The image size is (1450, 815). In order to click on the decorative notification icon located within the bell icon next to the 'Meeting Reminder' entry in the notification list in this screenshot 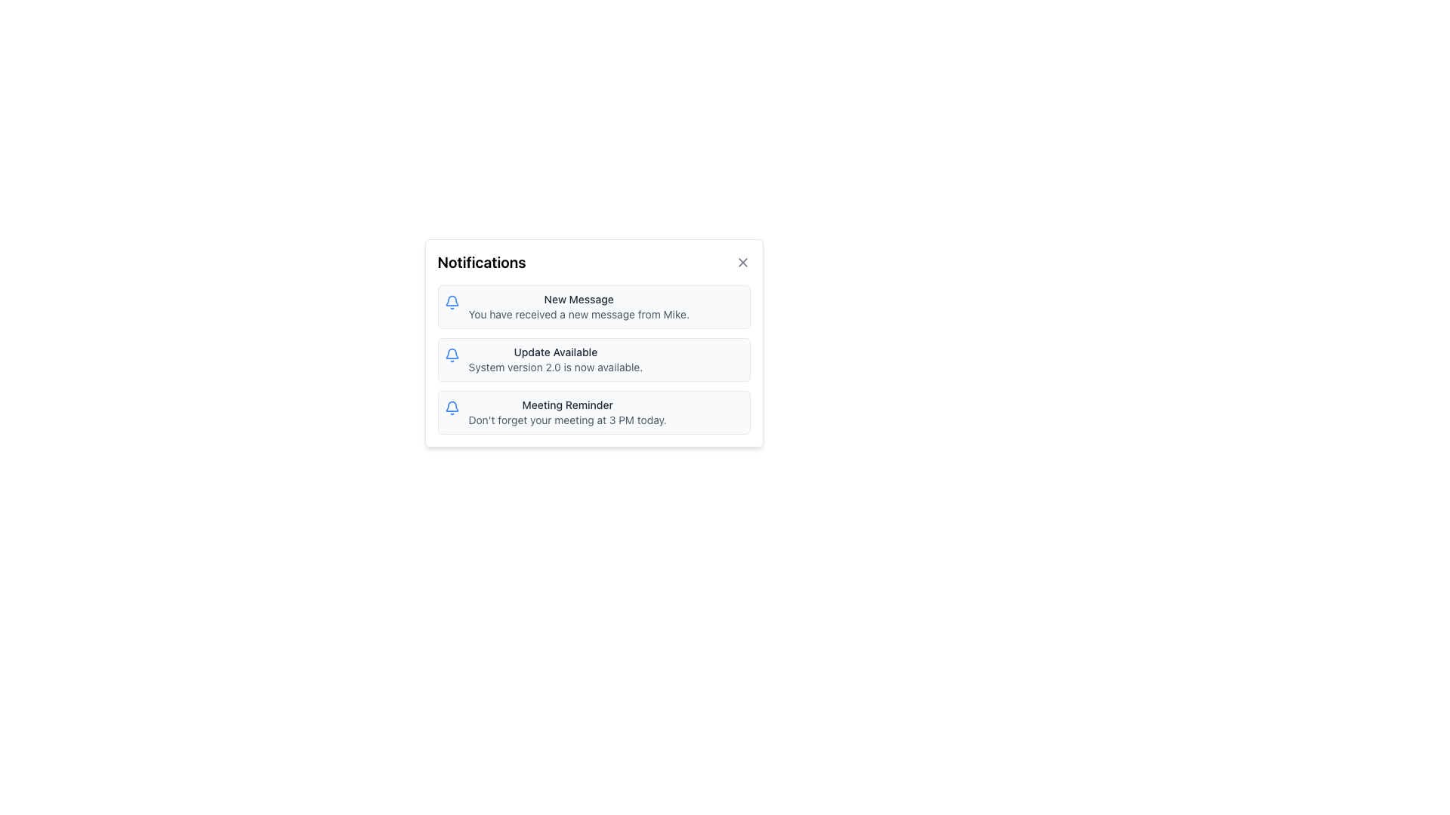, I will do `click(451, 353)`.